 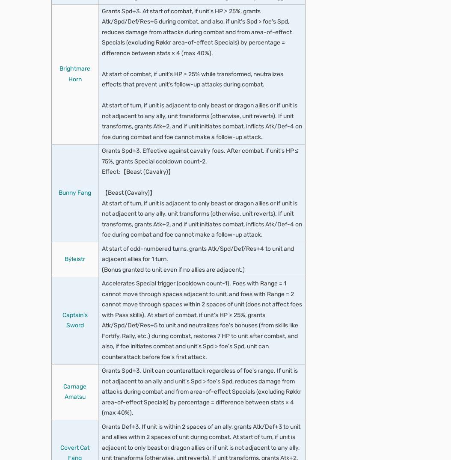 I want to click on 'At start of turn, if unit is not adjacent to an ally, grants Spd/Res+6 to unit for 1 turn.', so click(x=202, y=138).